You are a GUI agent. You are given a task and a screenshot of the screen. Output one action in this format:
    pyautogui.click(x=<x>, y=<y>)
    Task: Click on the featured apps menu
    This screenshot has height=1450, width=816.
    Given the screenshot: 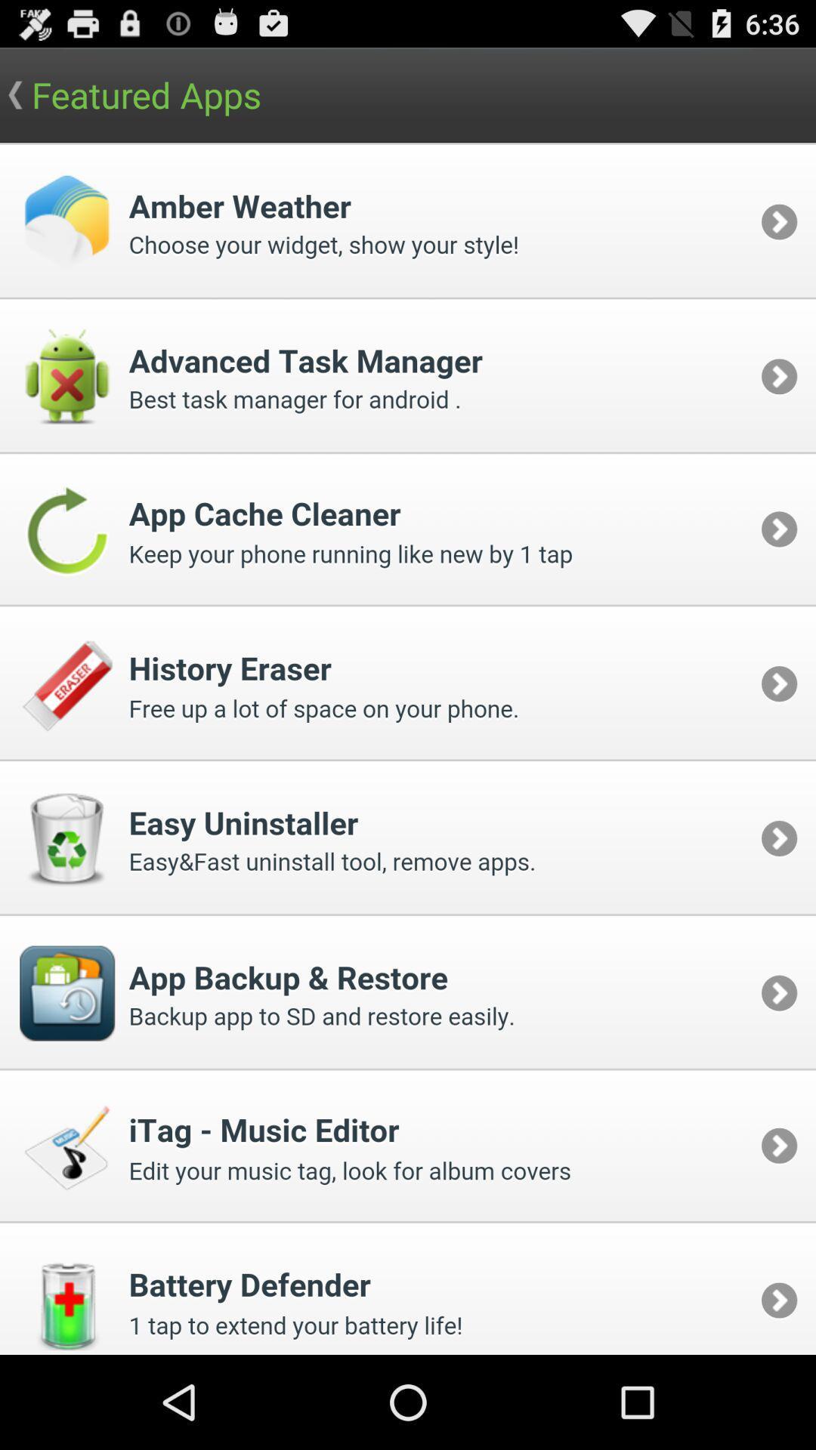 What is the action you would take?
    pyautogui.click(x=408, y=748)
    